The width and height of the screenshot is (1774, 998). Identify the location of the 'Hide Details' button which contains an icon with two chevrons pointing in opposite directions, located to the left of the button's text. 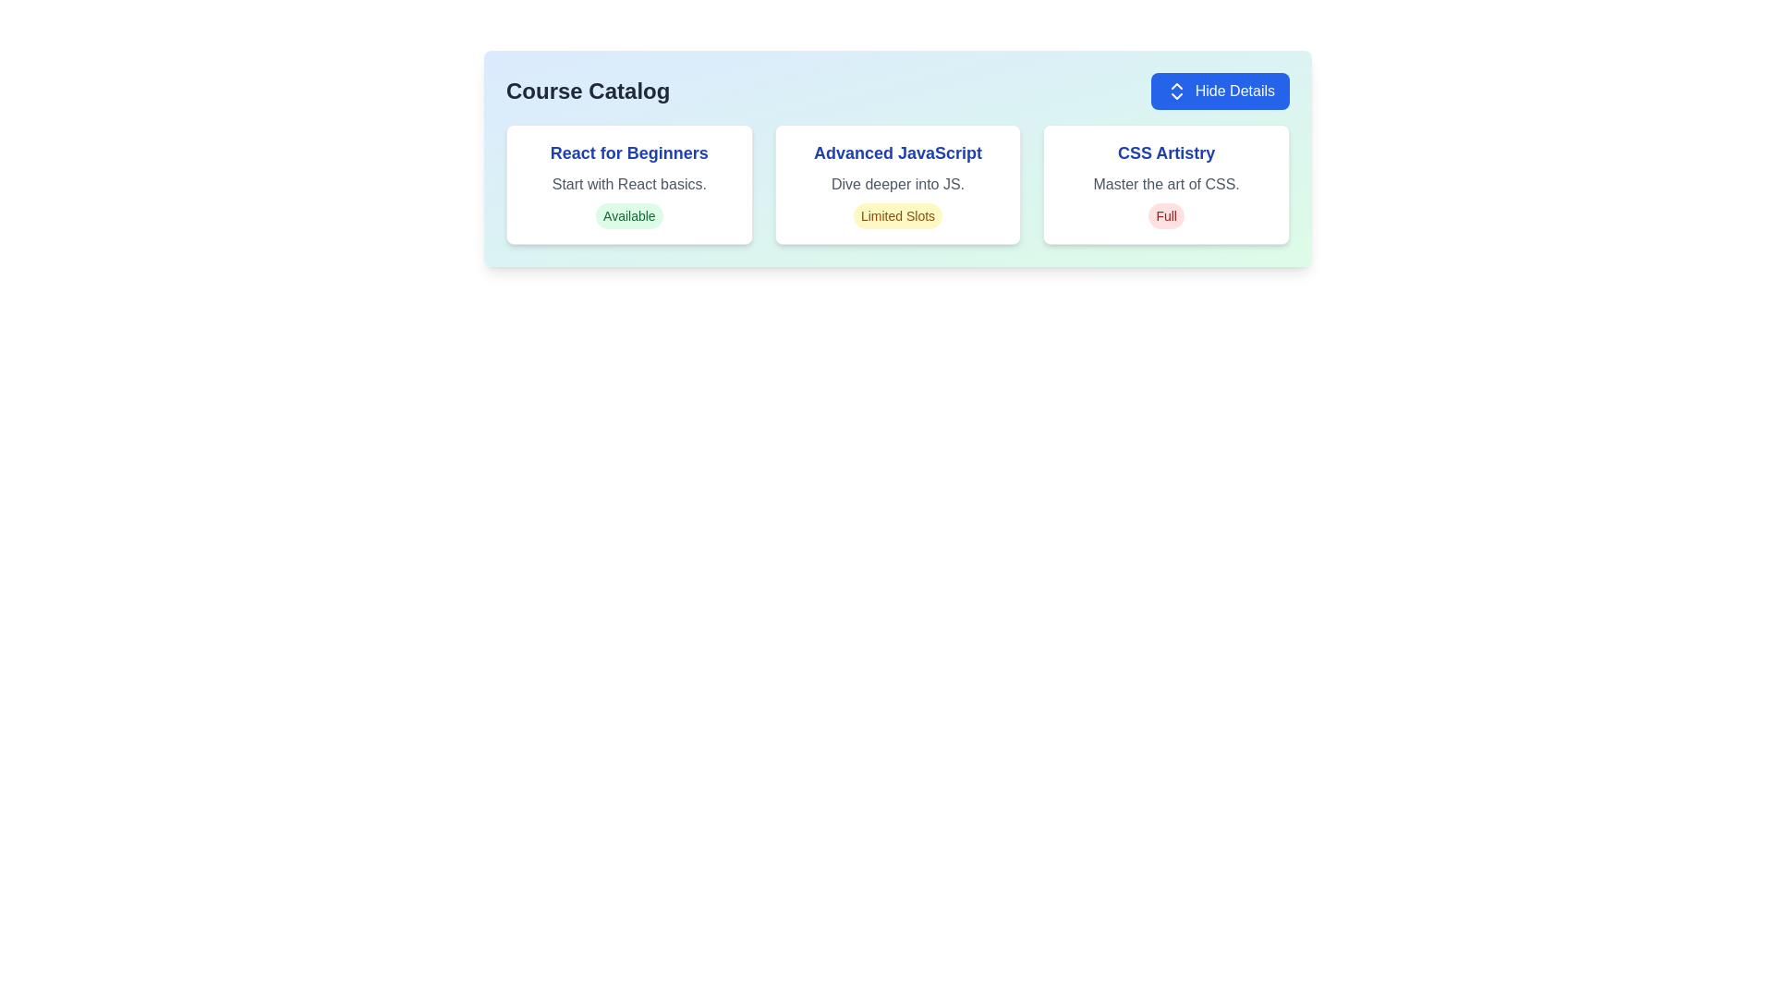
(1175, 91).